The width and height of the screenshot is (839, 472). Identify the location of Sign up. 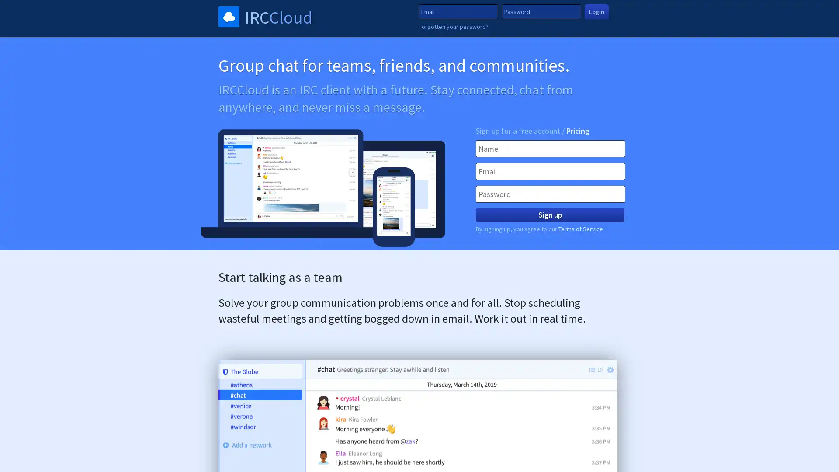
(549, 215).